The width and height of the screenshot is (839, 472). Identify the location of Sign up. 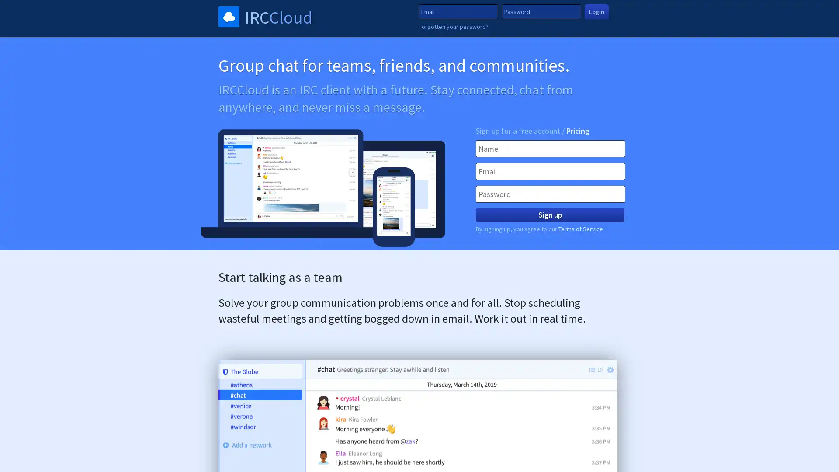
(549, 215).